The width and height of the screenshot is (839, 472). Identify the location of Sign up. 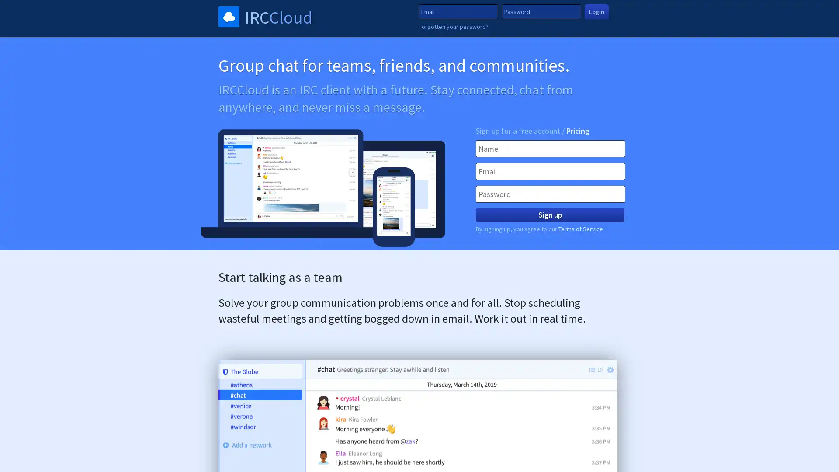
(549, 215).